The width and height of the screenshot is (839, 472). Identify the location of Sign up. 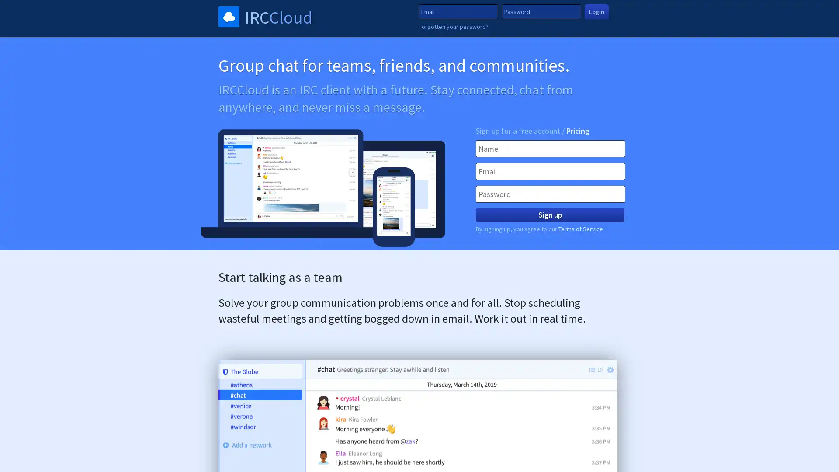
(549, 215).